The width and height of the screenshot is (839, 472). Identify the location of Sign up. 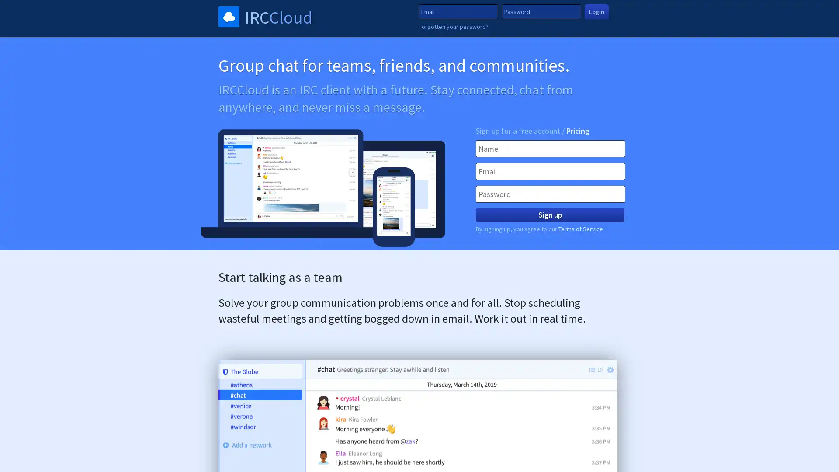
(549, 215).